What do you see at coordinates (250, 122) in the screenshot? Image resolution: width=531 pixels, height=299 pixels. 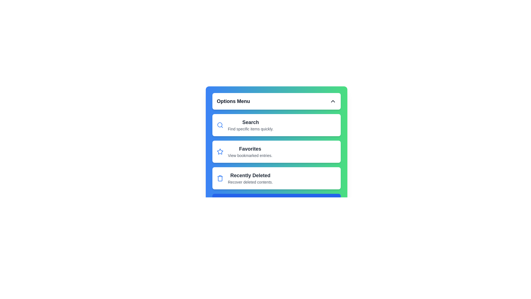 I see `the 'Search' clickable text label in the menu` at bounding box center [250, 122].